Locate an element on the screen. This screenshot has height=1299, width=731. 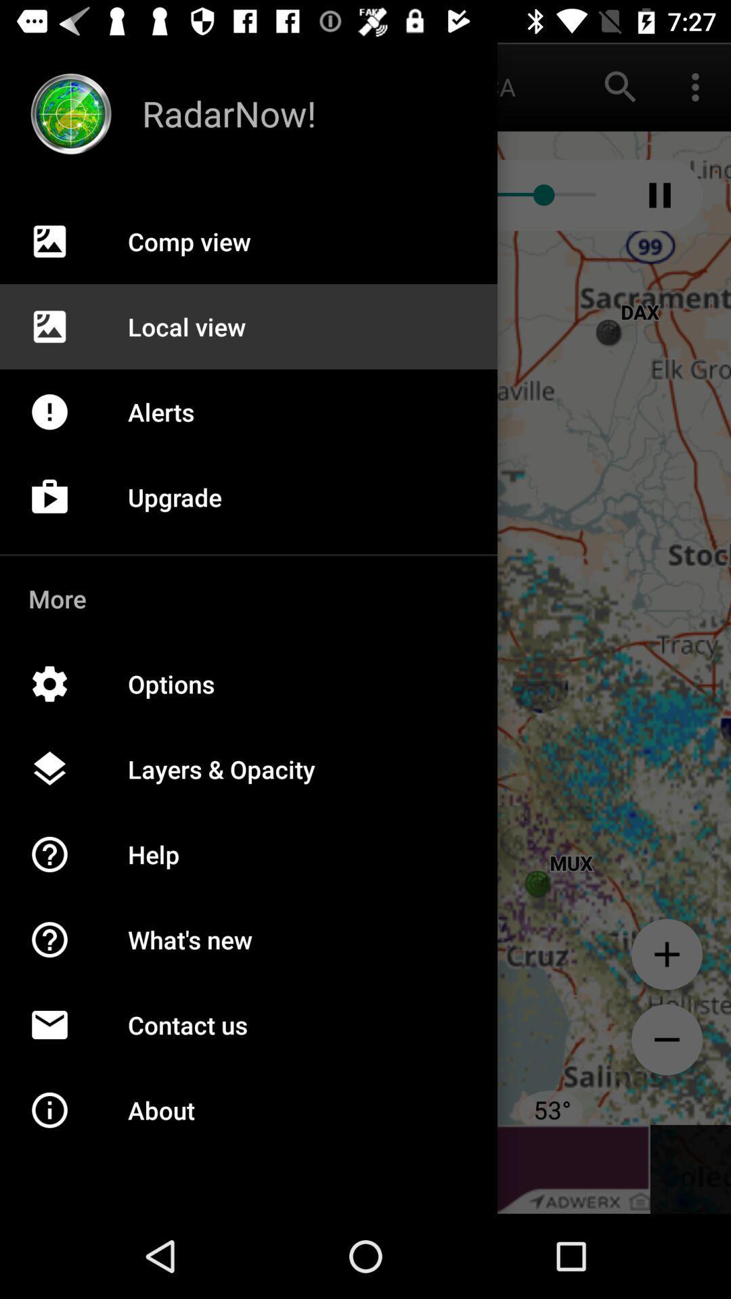
the search icon is located at coordinates (621, 86).